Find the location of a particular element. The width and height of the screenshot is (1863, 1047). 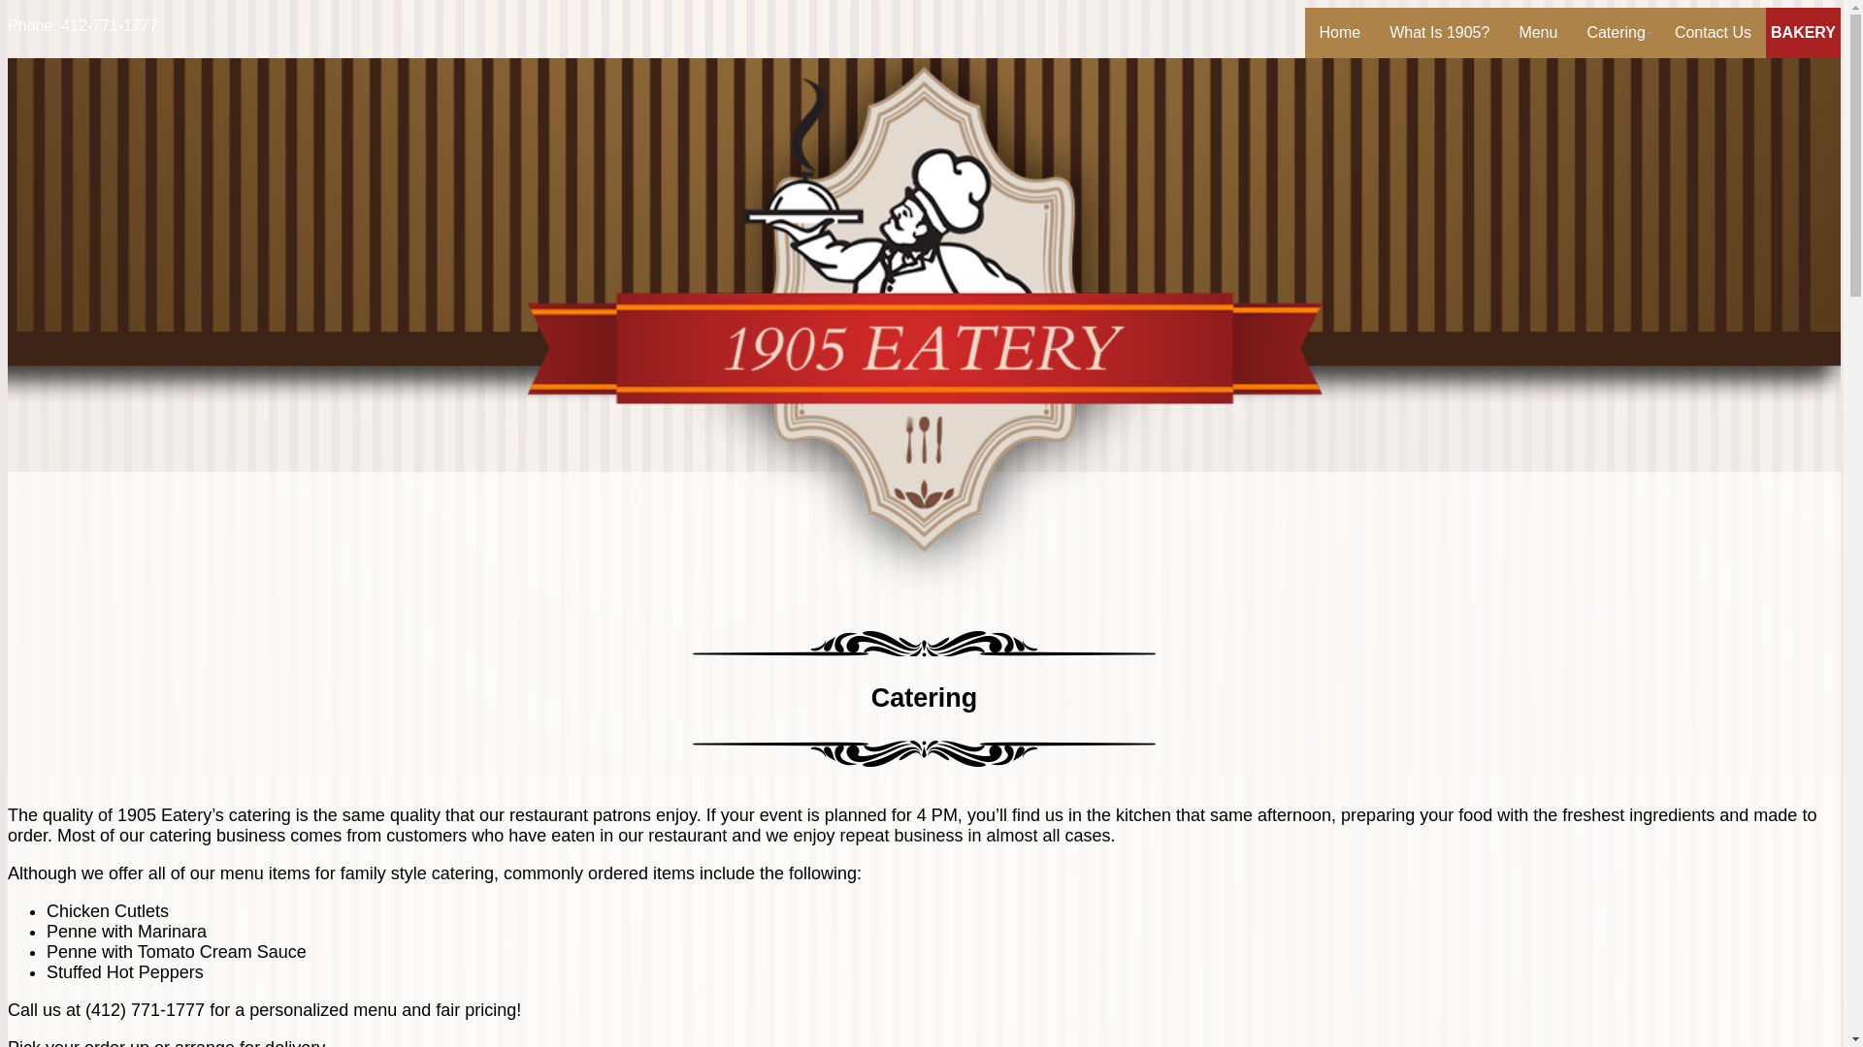

'Home' is located at coordinates (1339, 33).